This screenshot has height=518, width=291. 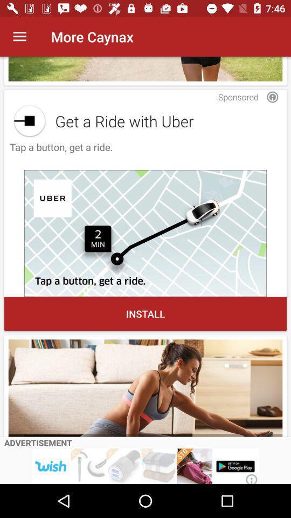 I want to click on advertisement, so click(x=145, y=388).